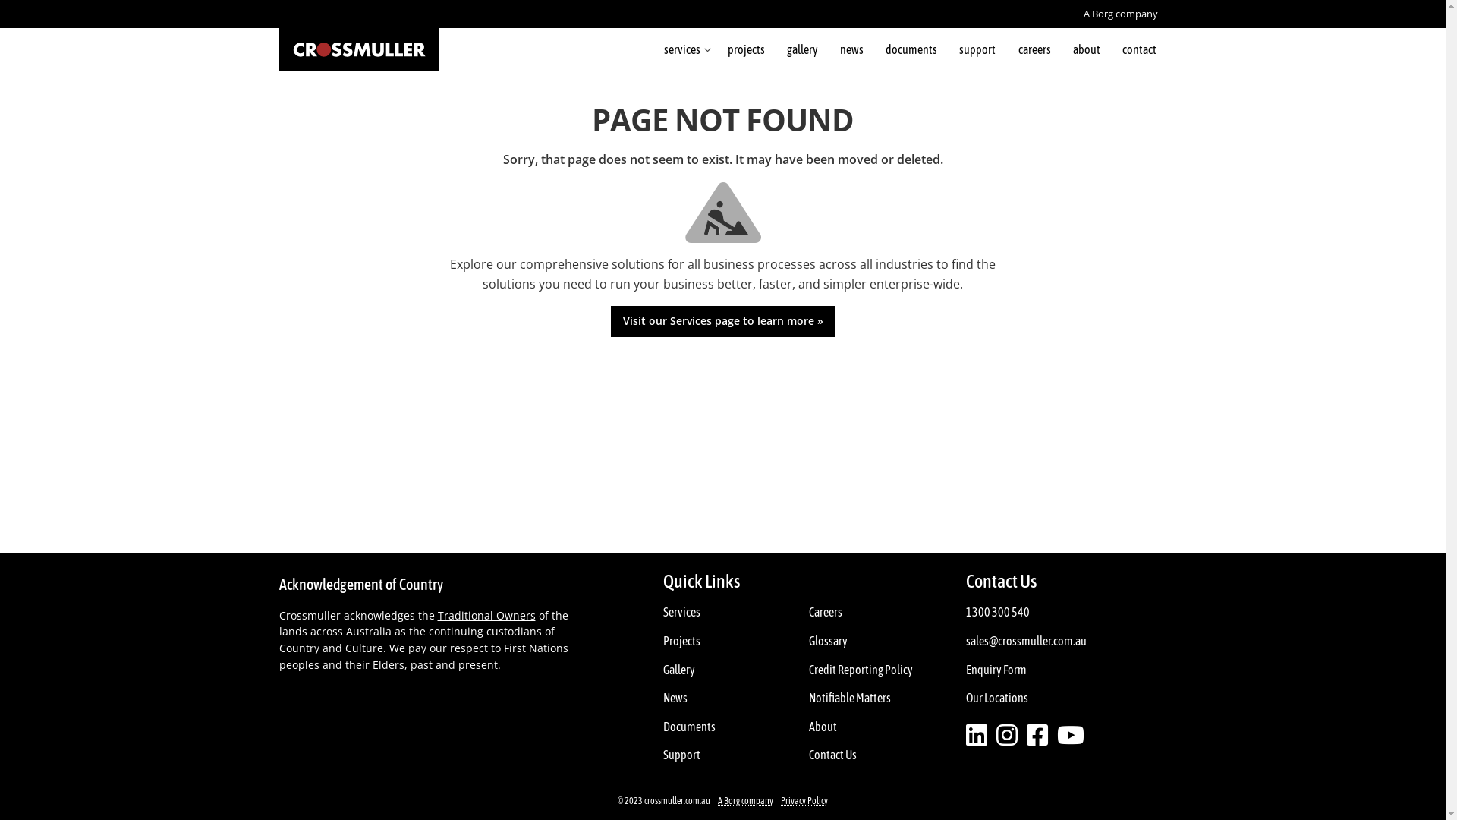 This screenshot has height=820, width=1457. What do you see at coordinates (1139, 49) in the screenshot?
I see `'contact'` at bounding box center [1139, 49].